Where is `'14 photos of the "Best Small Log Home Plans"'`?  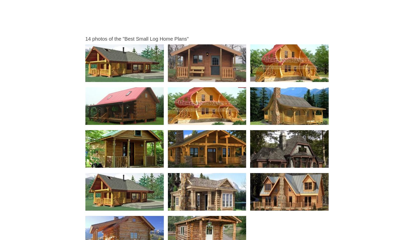
'14 photos of the "Best Small Log Home Plans"' is located at coordinates (136, 38).